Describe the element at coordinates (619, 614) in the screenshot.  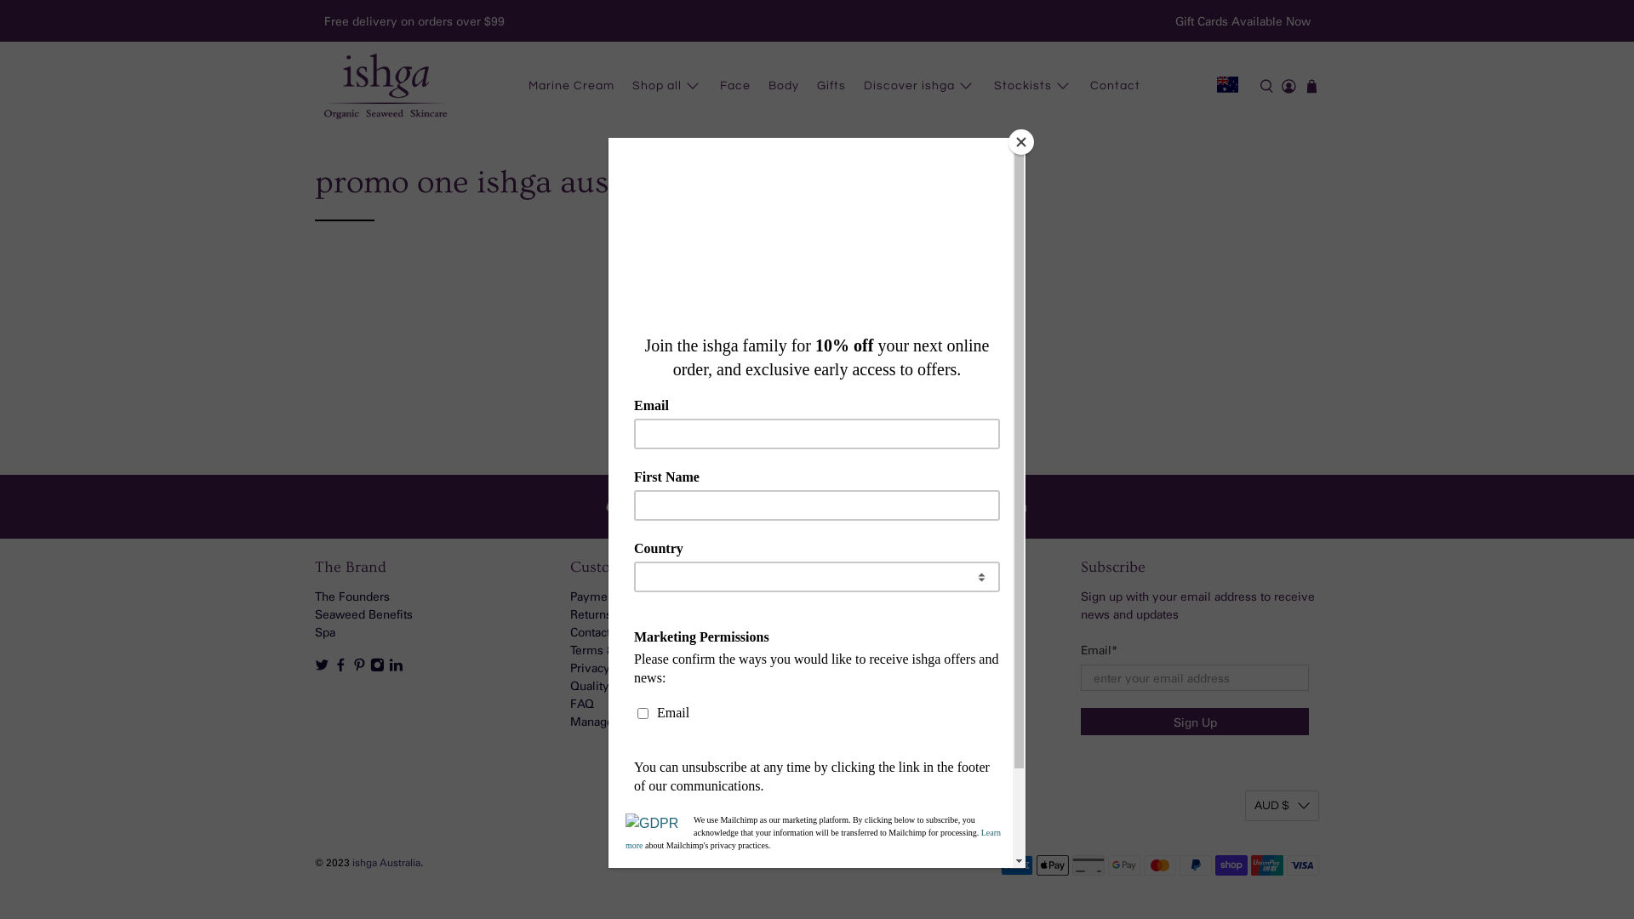
I see `'Returns & Refunds'` at that location.